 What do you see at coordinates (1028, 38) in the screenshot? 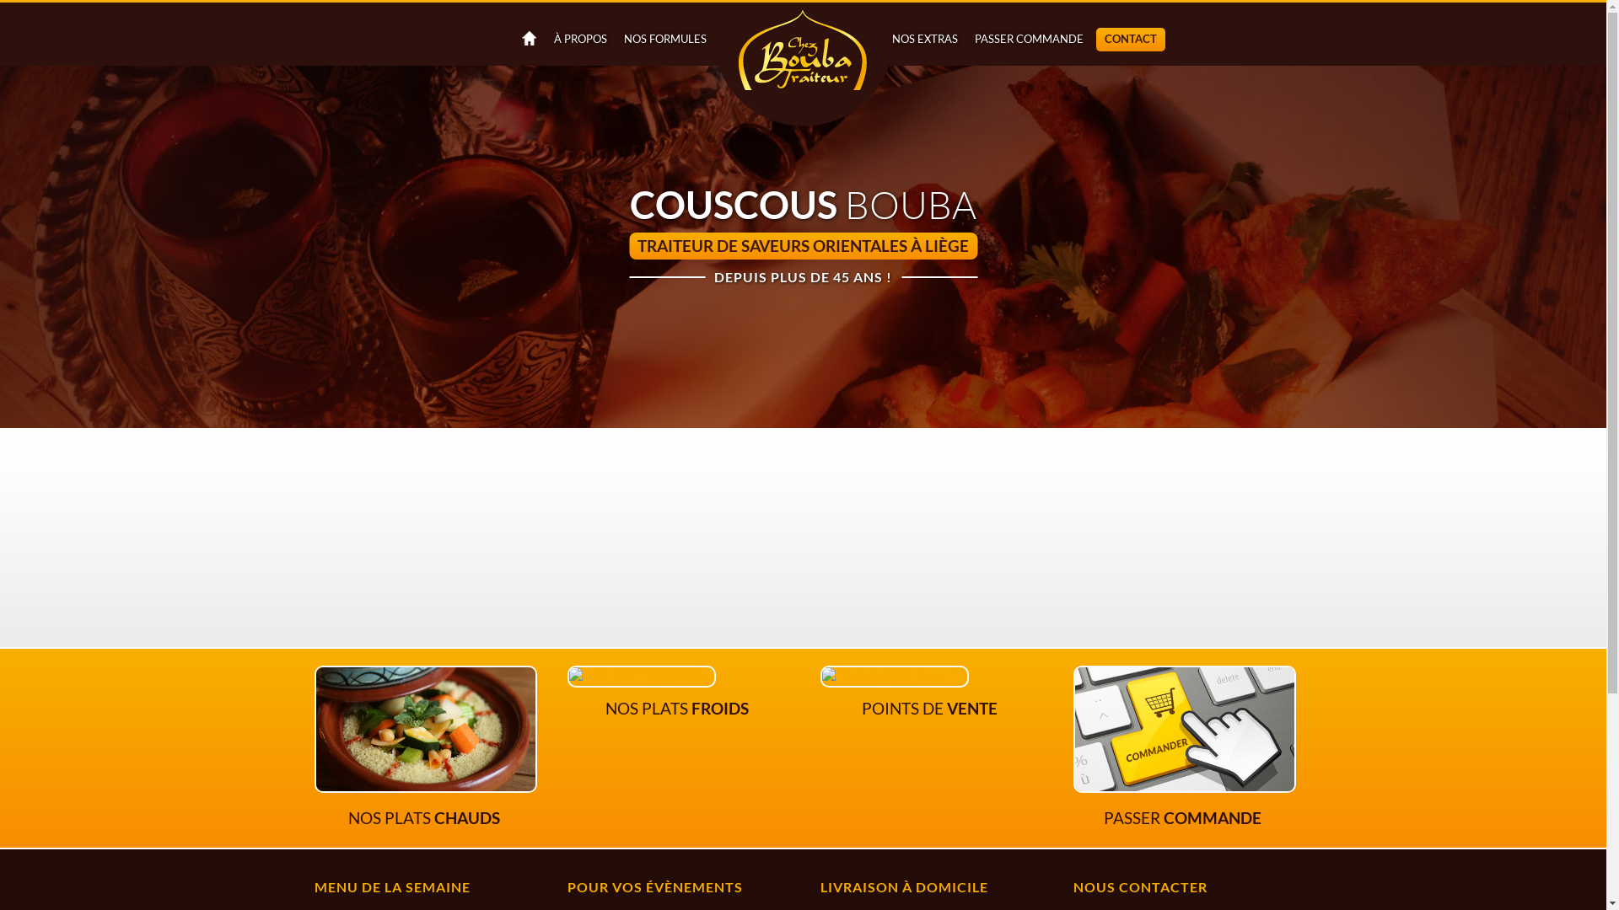
I see `'PASSER COMMANDE'` at bounding box center [1028, 38].